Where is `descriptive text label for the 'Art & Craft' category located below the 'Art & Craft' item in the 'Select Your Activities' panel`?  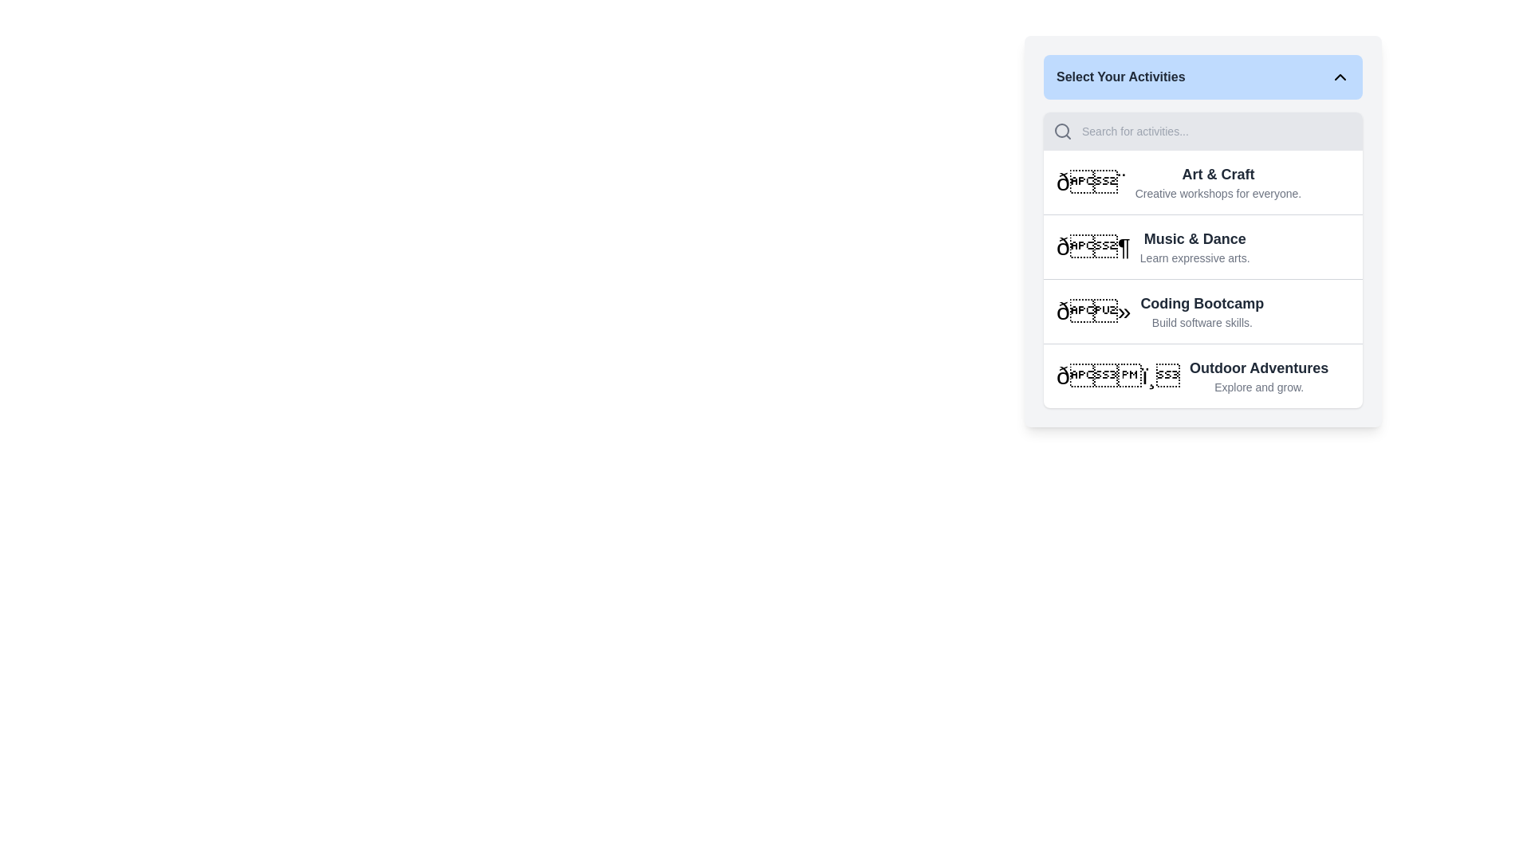 descriptive text label for the 'Art & Craft' category located below the 'Art & Craft' item in the 'Select Your Activities' panel is located at coordinates (1217, 193).